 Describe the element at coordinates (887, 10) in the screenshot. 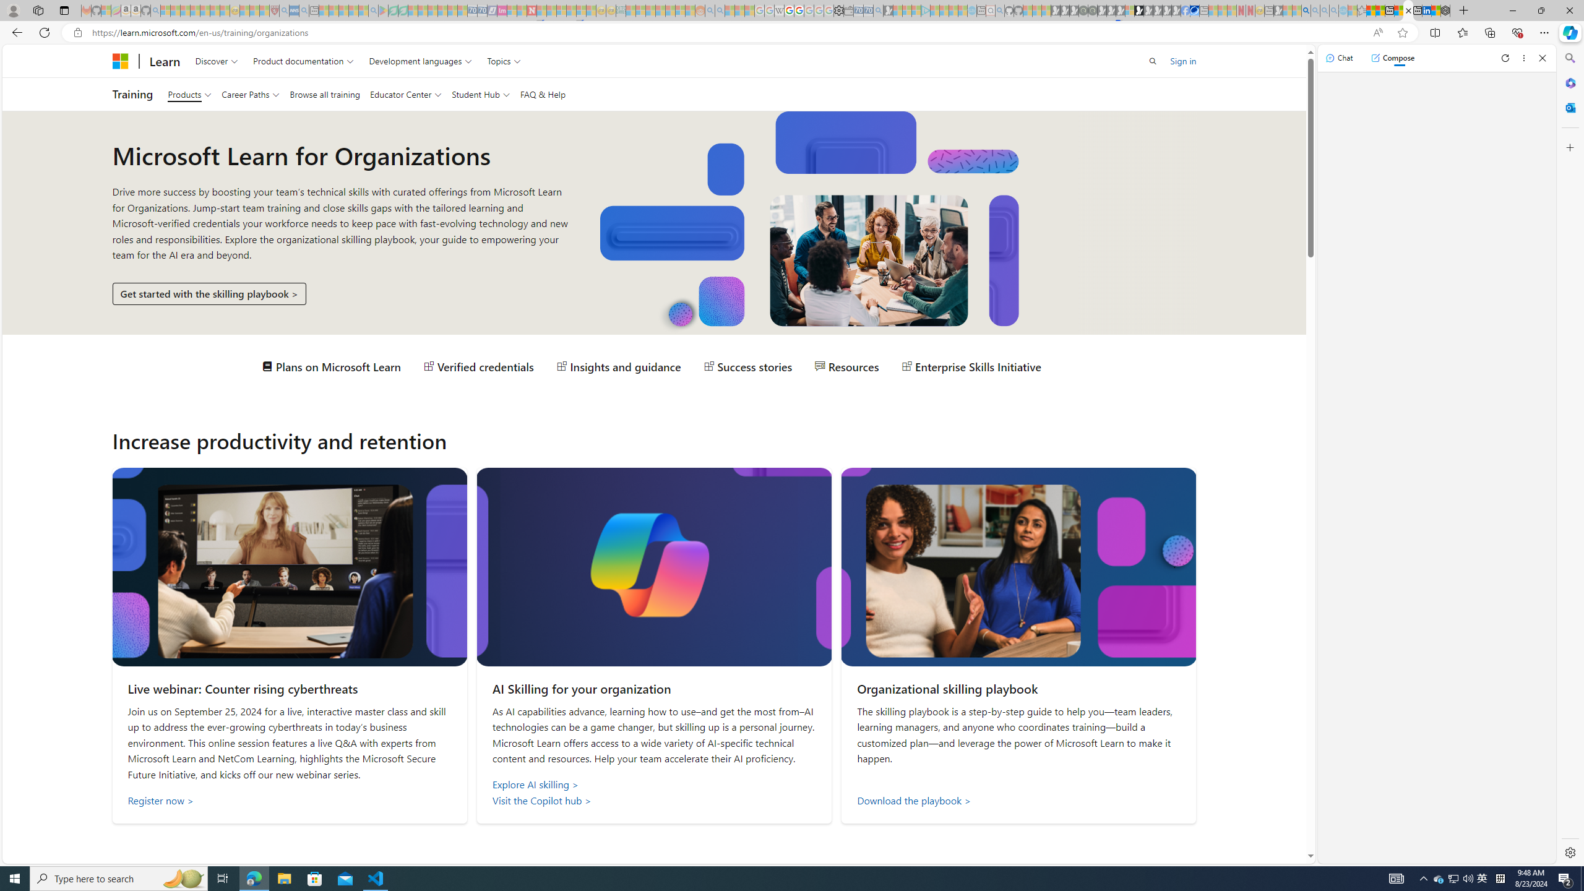

I see `'Microsoft Start Gaming - Sleeping'` at that location.